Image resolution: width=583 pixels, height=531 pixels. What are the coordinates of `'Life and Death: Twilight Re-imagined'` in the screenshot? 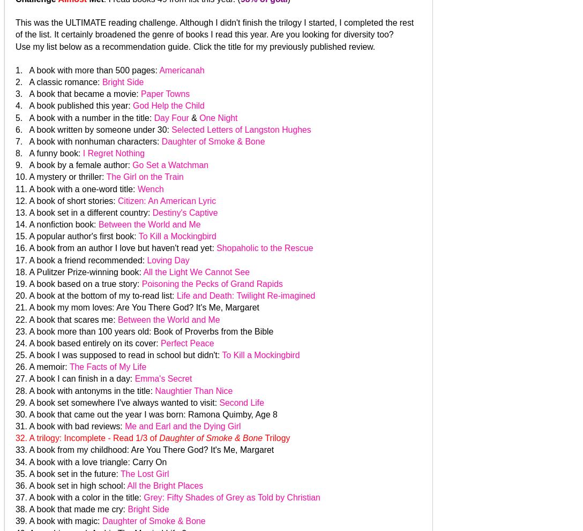 It's located at (245, 295).